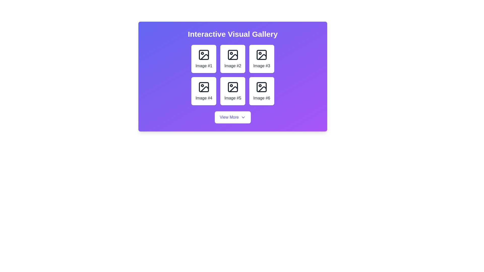  I want to click on the Icon graphical component that represents the imagery or photo-related content in the top row, middle column of the gallery grid, so click(232, 55).